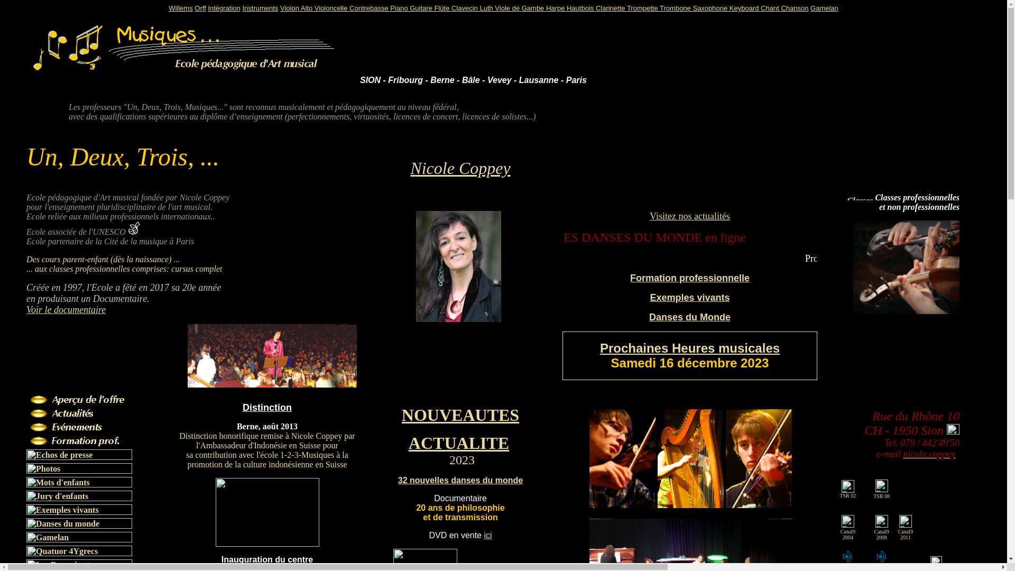  Describe the element at coordinates (460, 415) in the screenshot. I see `'NOUVEAUTES'` at that location.